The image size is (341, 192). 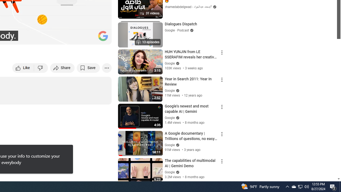 What do you see at coordinates (177, 172) in the screenshot?
I see `'Verified'` at bounding box center [177, 172].